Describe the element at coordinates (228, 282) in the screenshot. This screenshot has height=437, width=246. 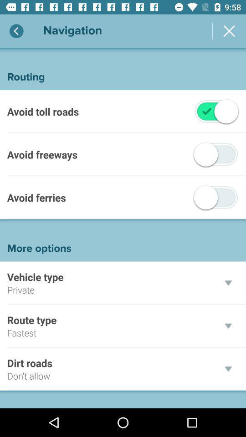
I see `the drop down for vehicle type` at that location.